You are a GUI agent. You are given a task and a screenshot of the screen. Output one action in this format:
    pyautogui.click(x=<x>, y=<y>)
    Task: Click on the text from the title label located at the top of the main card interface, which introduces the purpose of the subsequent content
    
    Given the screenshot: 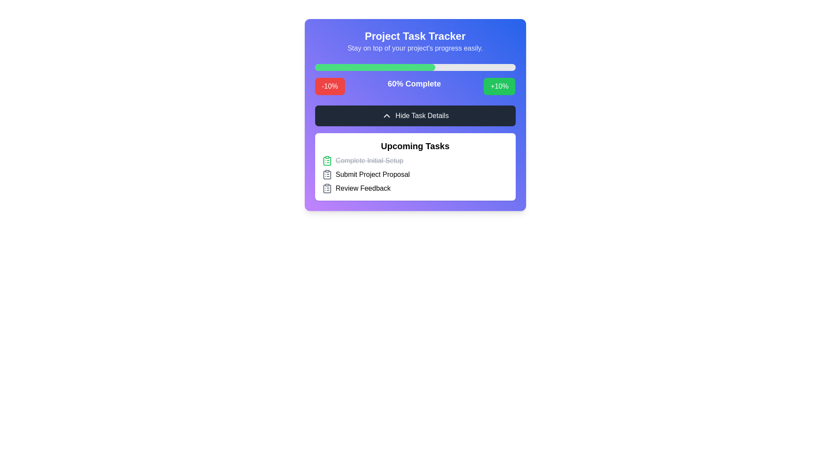 What is the action you would take?
    pyautogui.click(x=415, y=36)
    